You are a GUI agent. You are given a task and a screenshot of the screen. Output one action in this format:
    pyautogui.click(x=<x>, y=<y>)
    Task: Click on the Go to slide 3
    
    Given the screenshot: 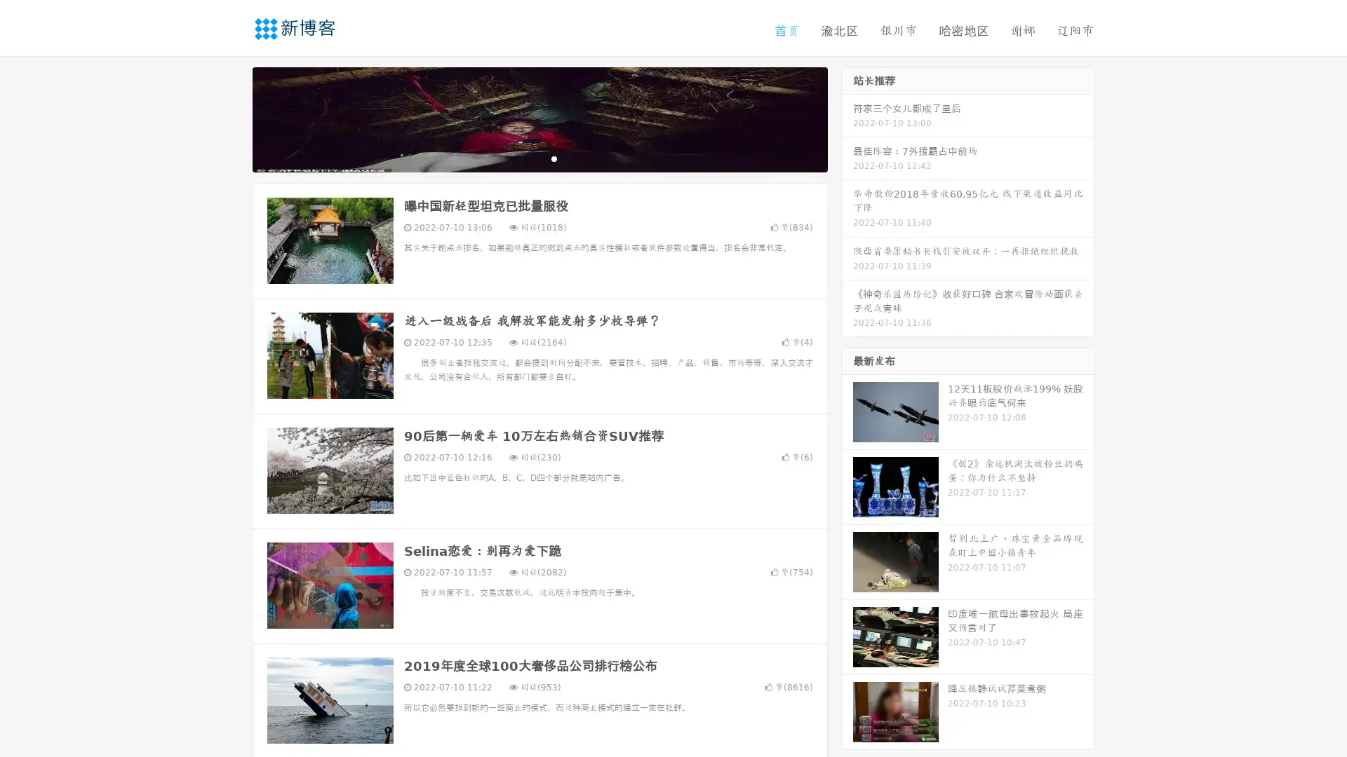 What is the action you would take?
    pyautogui.click(x=554, y=158)
    